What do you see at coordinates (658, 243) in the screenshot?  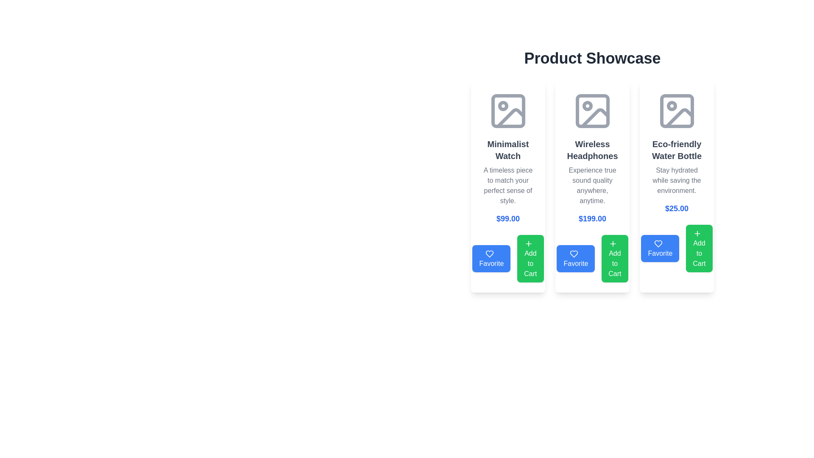 I see `the heart-shaped icon within the blue 'Favorite' button associated with the third product card titled 'Eco-friendly Water Bottle' to favorite the item` at bounding box center [658, 243].